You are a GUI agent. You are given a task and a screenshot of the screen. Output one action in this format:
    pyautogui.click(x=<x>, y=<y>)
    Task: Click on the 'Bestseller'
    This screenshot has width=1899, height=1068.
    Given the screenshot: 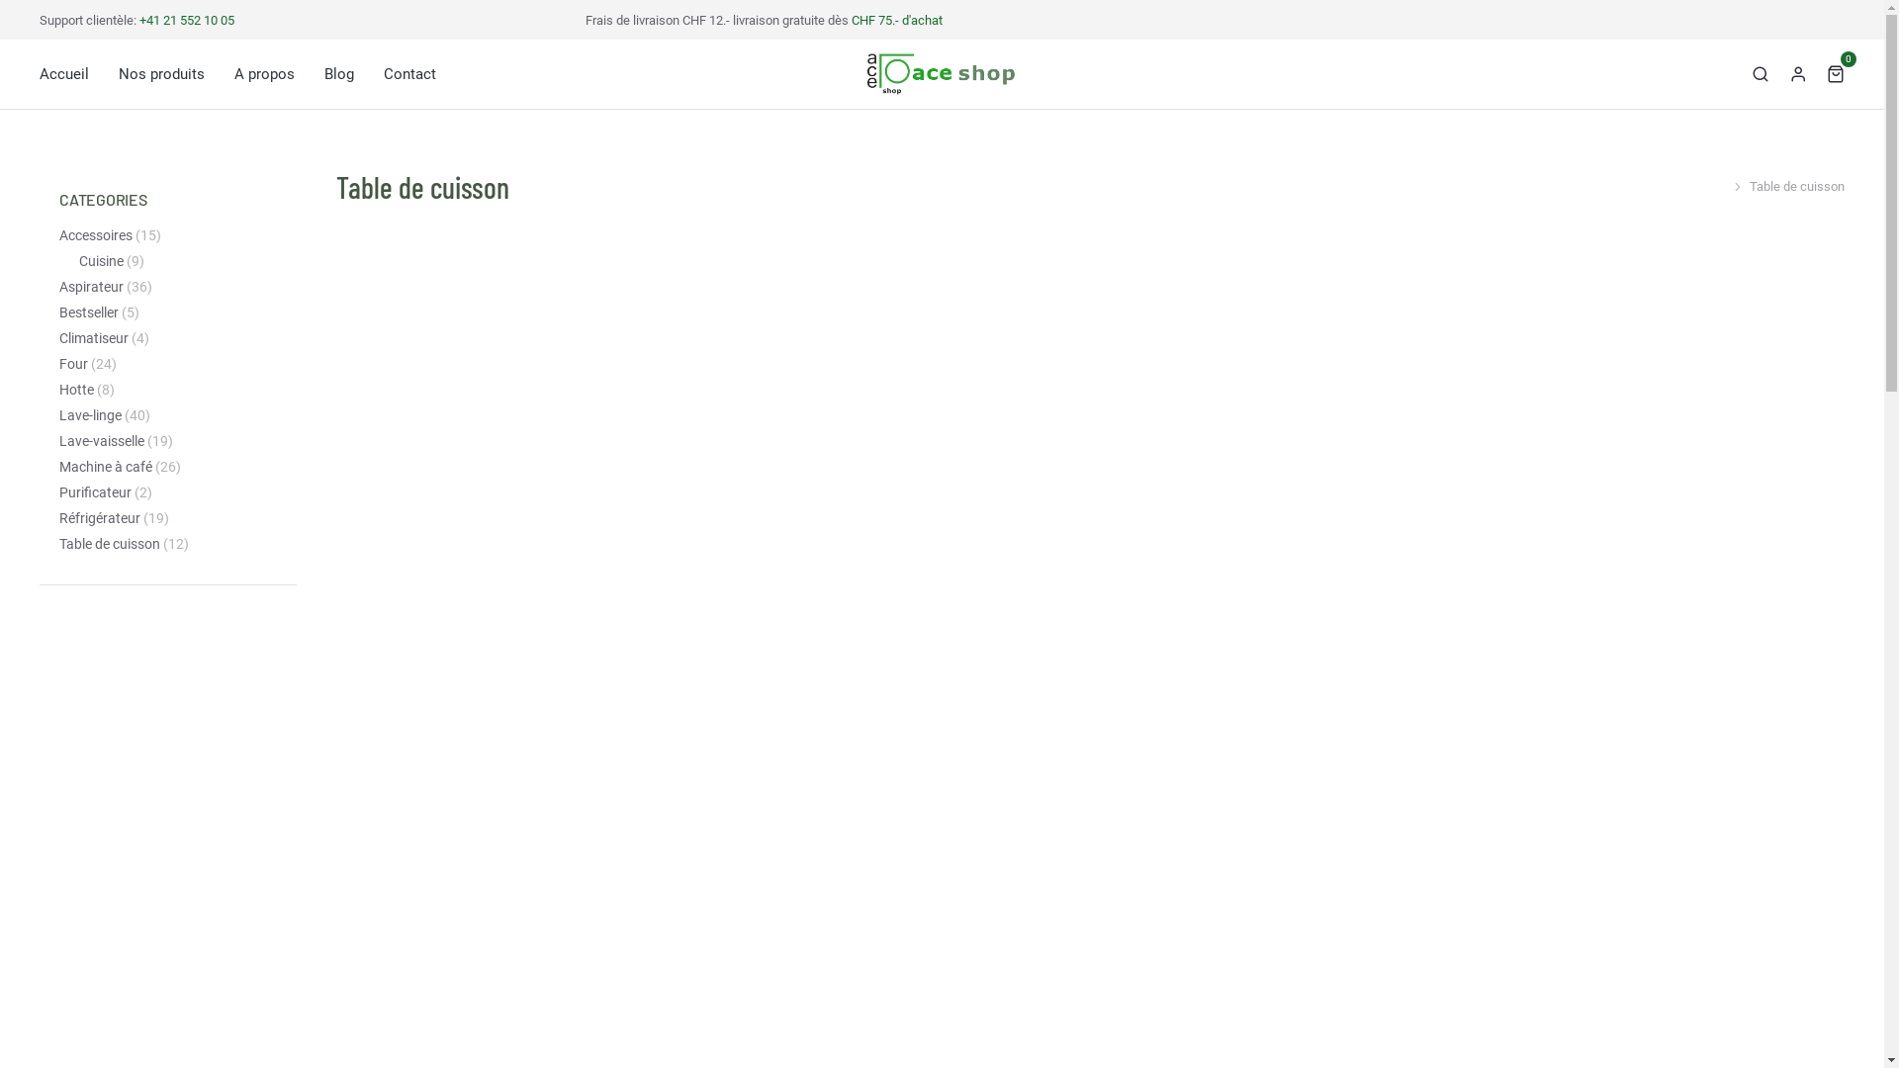 What is the action you would take?
    pyautogui.click(x=88, y=311)
    